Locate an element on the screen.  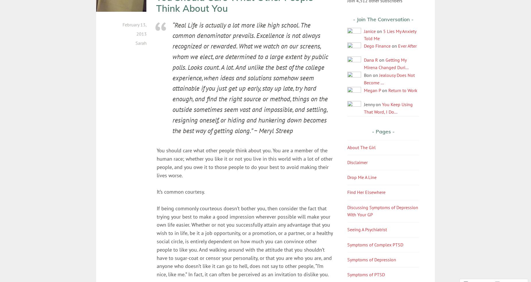
'Jenny on' is located at coordinates (373, 104).